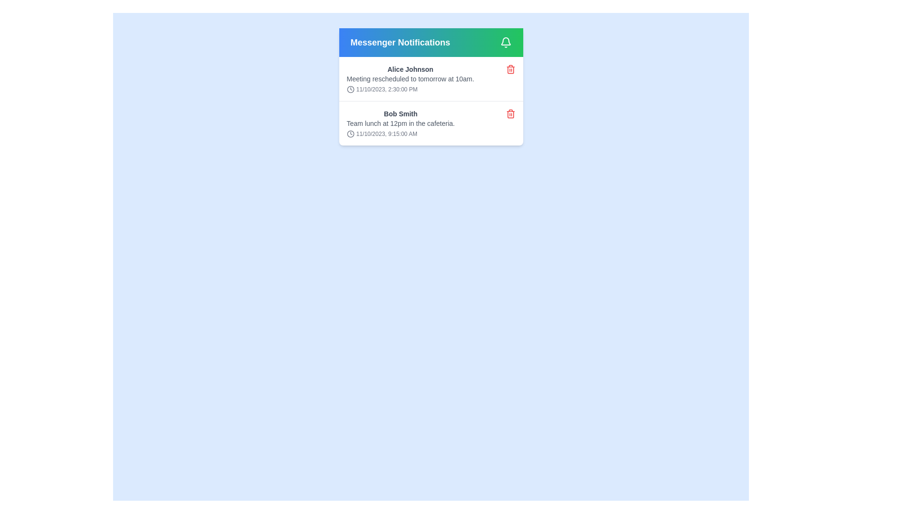 The width and height of the screenshot is (920, 517). What do you see at coordinates (430, 123) in the screenshot?
I see `the notification card containing the header 'Bob Smith' and the description 'Team lunch at 12pm in the cafeteria.'` at bounding box center [430, 123].